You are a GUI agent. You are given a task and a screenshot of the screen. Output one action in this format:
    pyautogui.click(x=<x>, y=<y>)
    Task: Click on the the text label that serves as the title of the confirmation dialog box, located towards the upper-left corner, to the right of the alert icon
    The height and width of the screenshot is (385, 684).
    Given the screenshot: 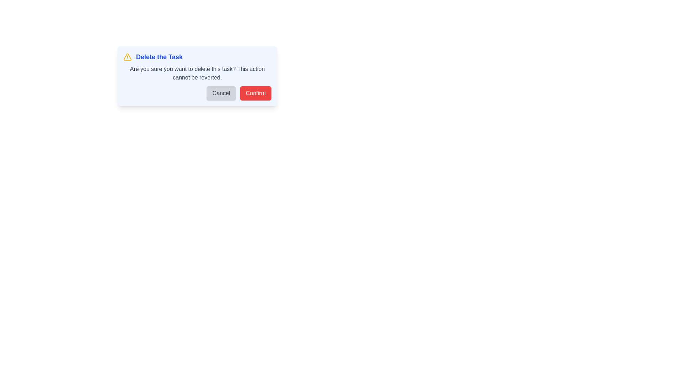 What is the action you would take?
    pyautogui.click(x=159, y=56)
    